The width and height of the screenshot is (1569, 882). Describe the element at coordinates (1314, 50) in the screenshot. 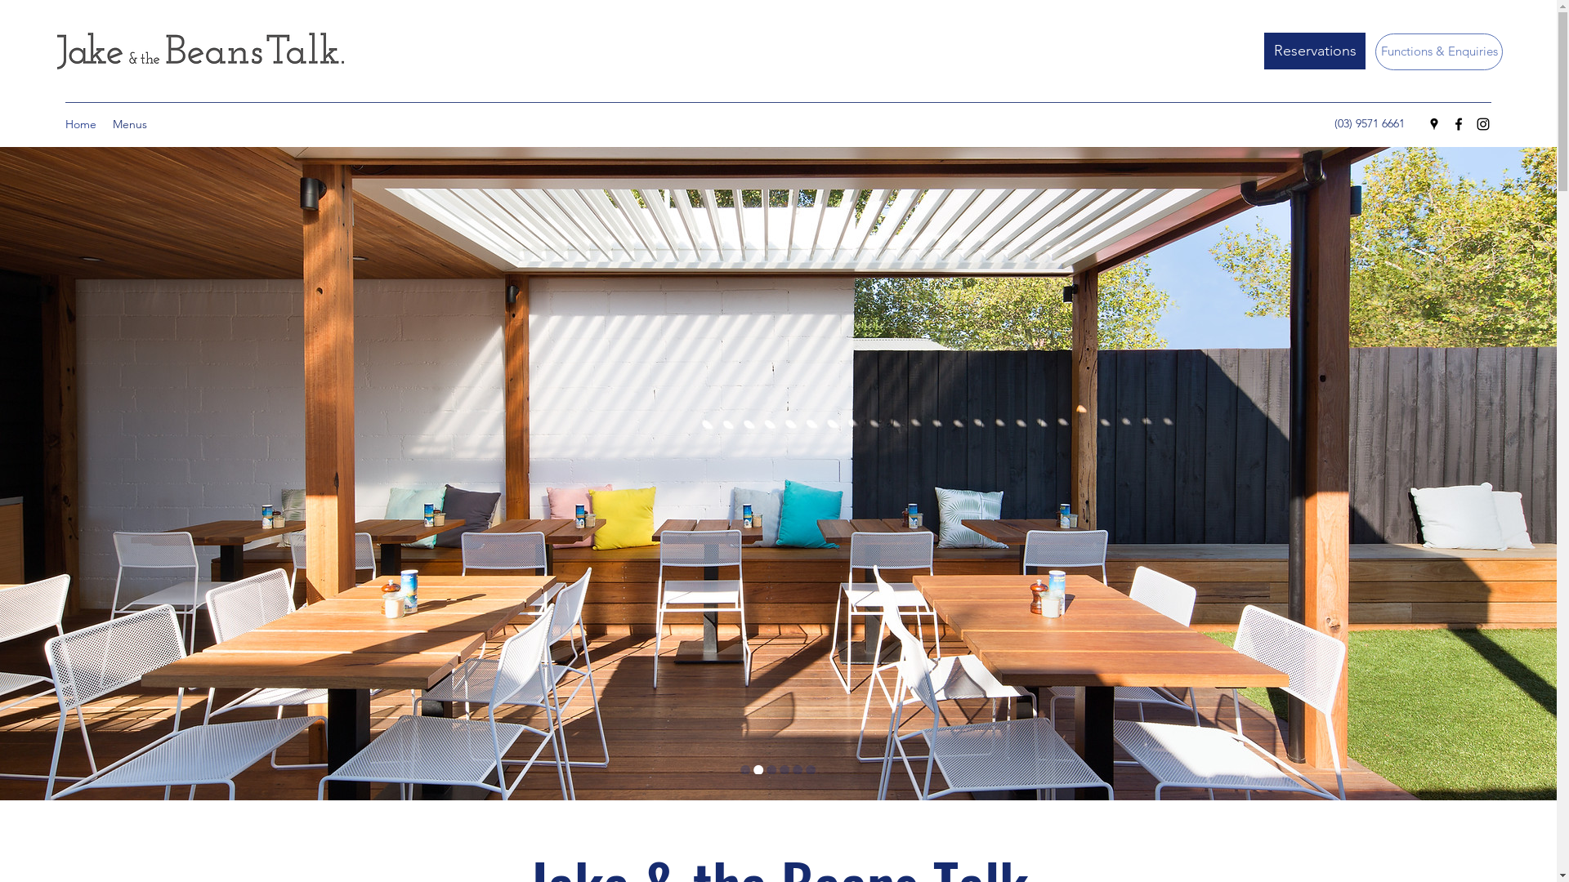

I see `'Reservations'` at that location.